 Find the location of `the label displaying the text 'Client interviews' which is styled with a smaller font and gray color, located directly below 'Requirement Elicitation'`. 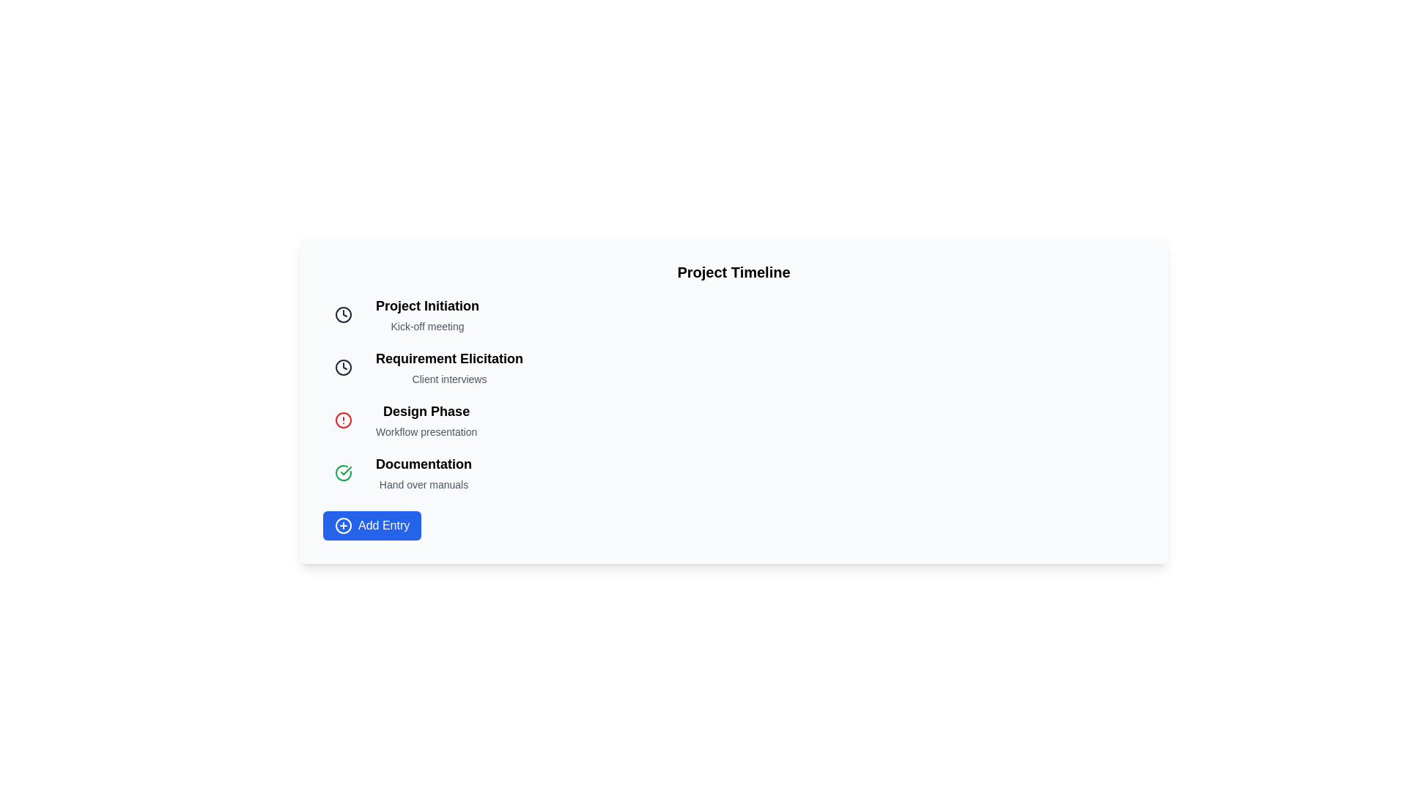

the label displaying the text 'Client interviews' which is styled with a smaller font and gray color, located directly below 'Requirement Elicitation' is located at coordinates (448, 378).